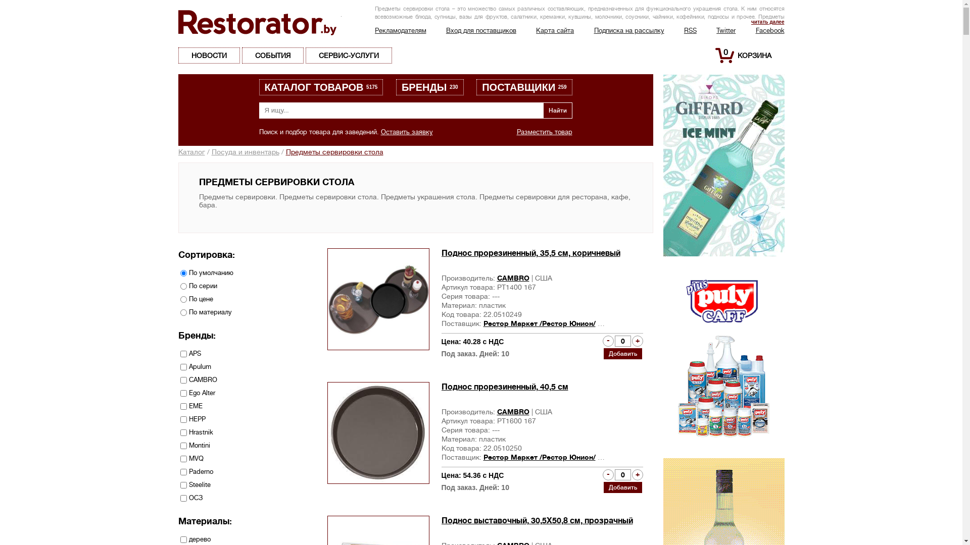  Describe the element at coordinates (756, 30) in the screenshot. I see `'Facebook'` at that location.